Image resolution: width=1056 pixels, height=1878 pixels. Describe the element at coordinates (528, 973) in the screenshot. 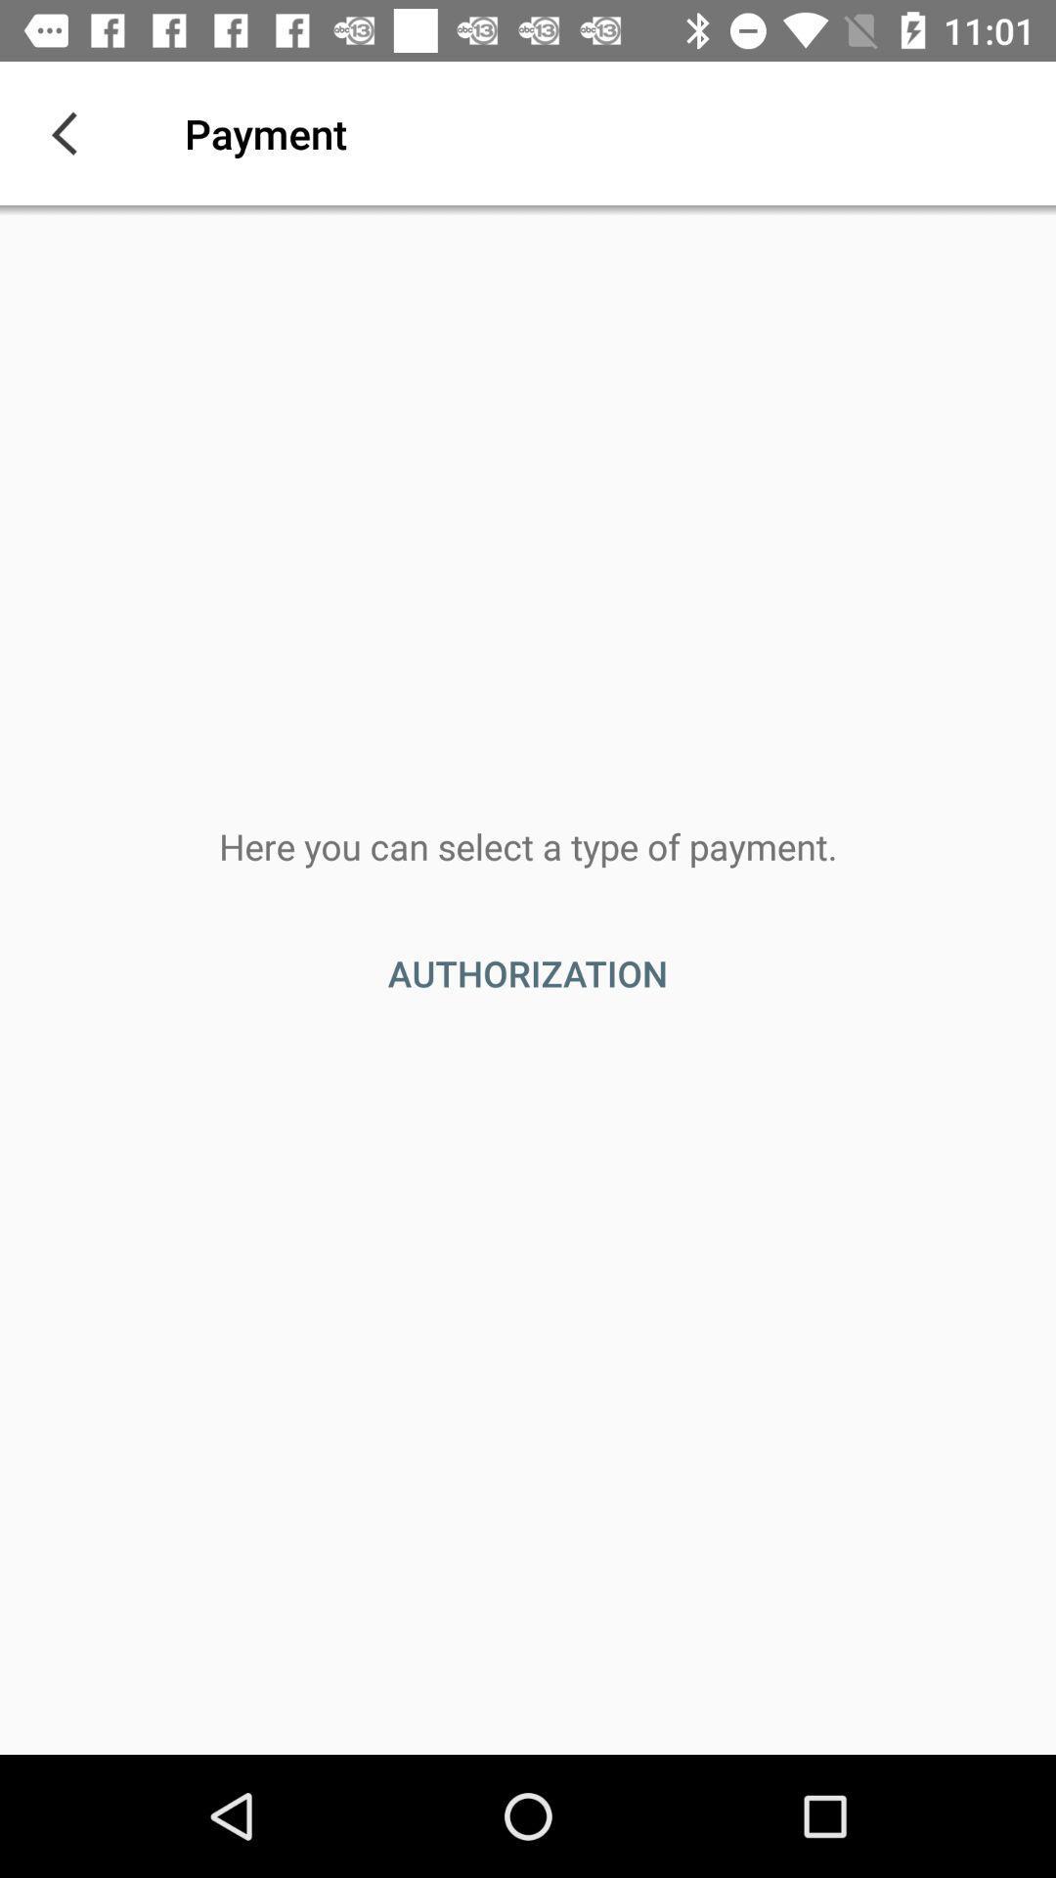

I see `the item below the here you can item` at that location.